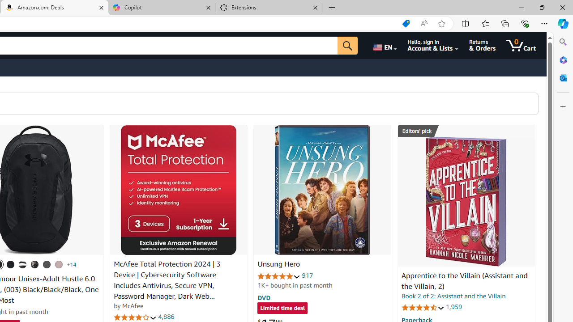 This screenshot has height=322, width=573. Describe the element at coordinates (35, 264) in the screenshot. I see `'(004) Black / Black / Metallic Gold'` at that location.